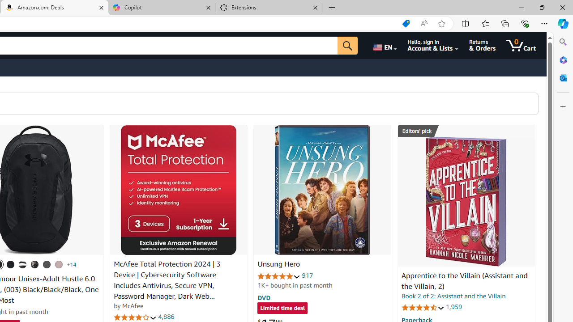 This screenshot has height=322, width=573. Describe the element at coordinates (35, 264) in the screenshot. I see `'(004) Black / Black / Metallic Gold'` at that location.